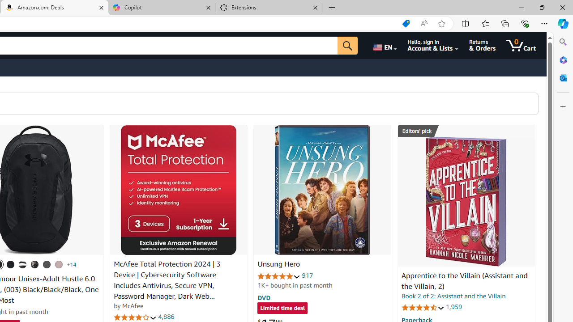 This screenshot has height=322, width=573. Describe the element at coordinates (35, 264) in the screenshot. I see `'(004) Black / Black / Metallic Gold'` at that location.